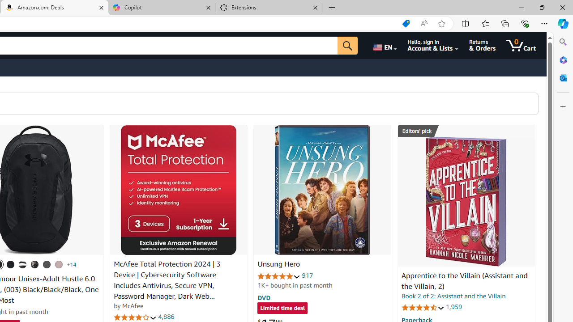 This screenshot has height=322, width=573. Describe the element at coordinates (35, 264) in the screenshot. I see `'(004) Black / Black / Metallic Gold'` at that location.